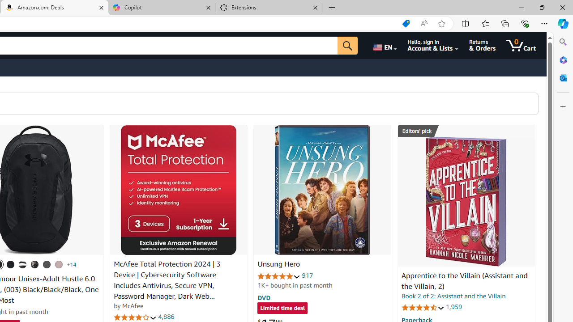 This screenshot has height=322, width=573. Describe the element at coordinates (35, 264) in the screenshot. I see `'(004) Black / Black / Metallic Gold'` at that location.